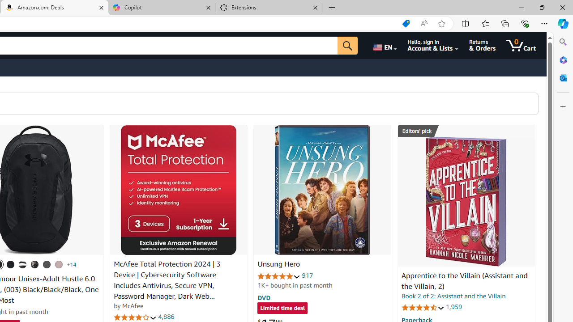 This screenshot has height=322, width=573. Describe the element at coordinates (35, 264) in the screenshot. I see `'(004) Black / Black / Metallic Gold'` at that location.